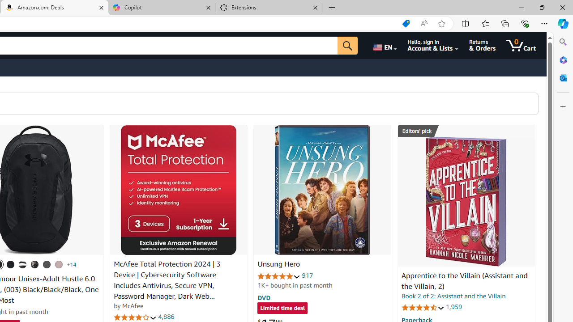 This screenshot has height=322, width=573. Describe the element at coordinates (35, 264) in the screenshot. I see `'(004) Black / Black / Metallic Gold'` at that location.